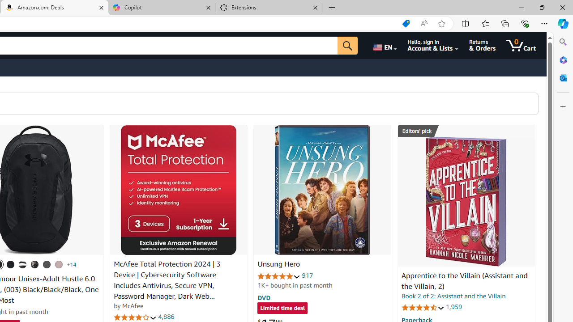 This screenshot has height=322, width=573. Describe the element at coordinates (35, 264) in the screenshot. I see `'(004) Black / Black / Metallic Gold'` at that location.